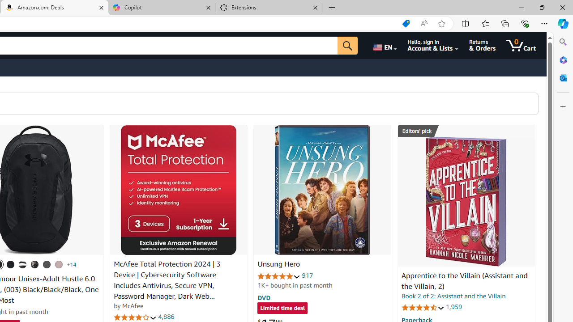 This screenshot has height=322, width=573. Describe the element at coordinates (35, 264) in the screenshot. I see `'(004) Black / Black / Metallic Gold'` at that location.